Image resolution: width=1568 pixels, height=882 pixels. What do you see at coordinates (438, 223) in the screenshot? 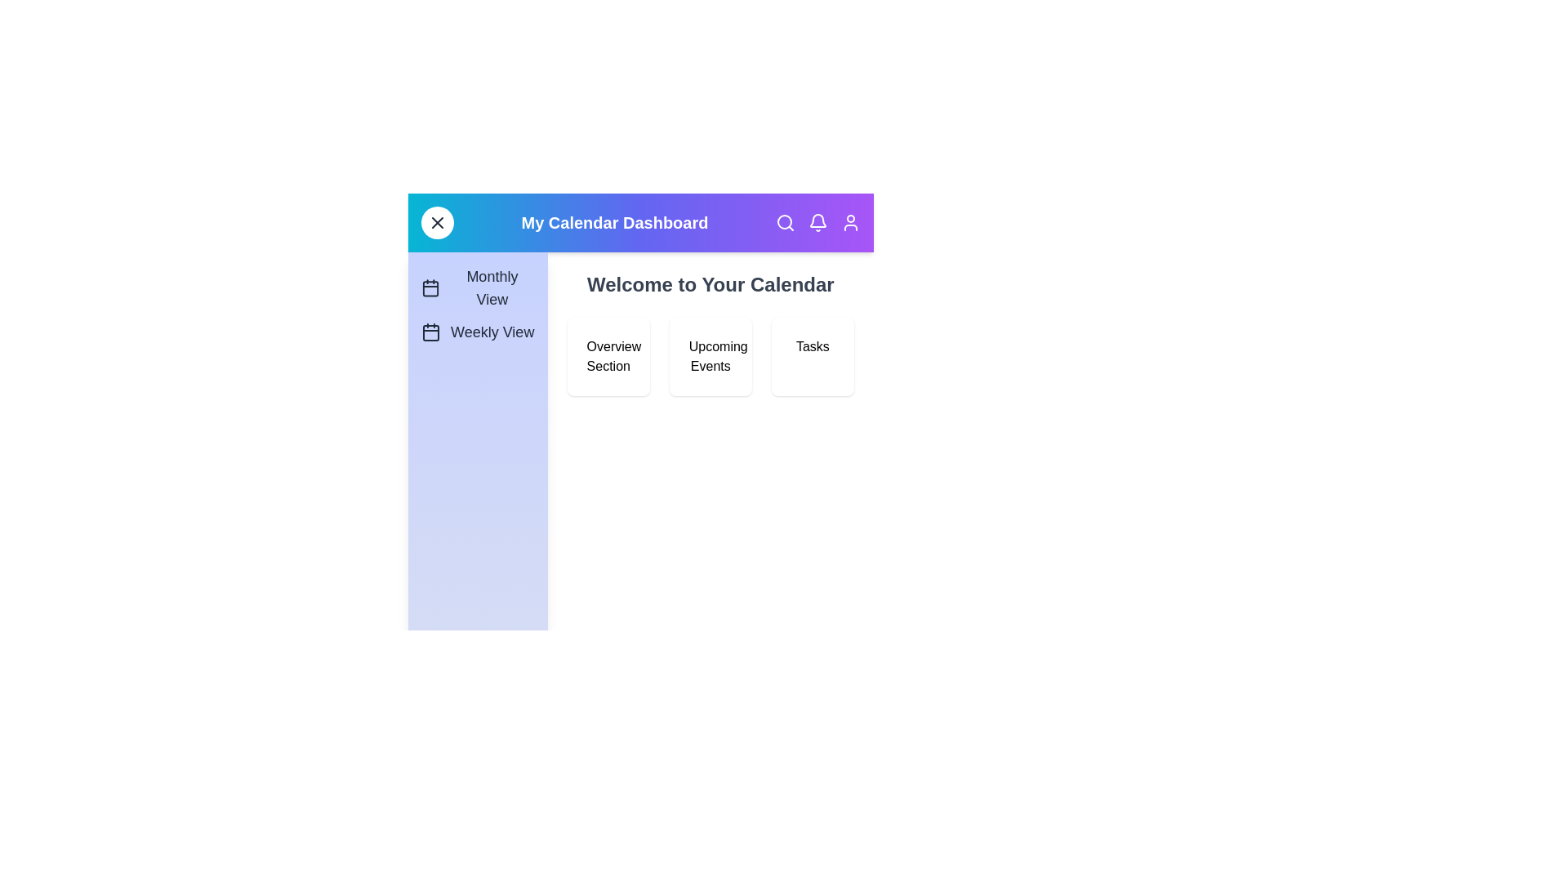
I see `the diagonal line of the 'X' icon in the top-left corner of the interface, which represents a closing or canceling action` at bounding box center [438, 223].